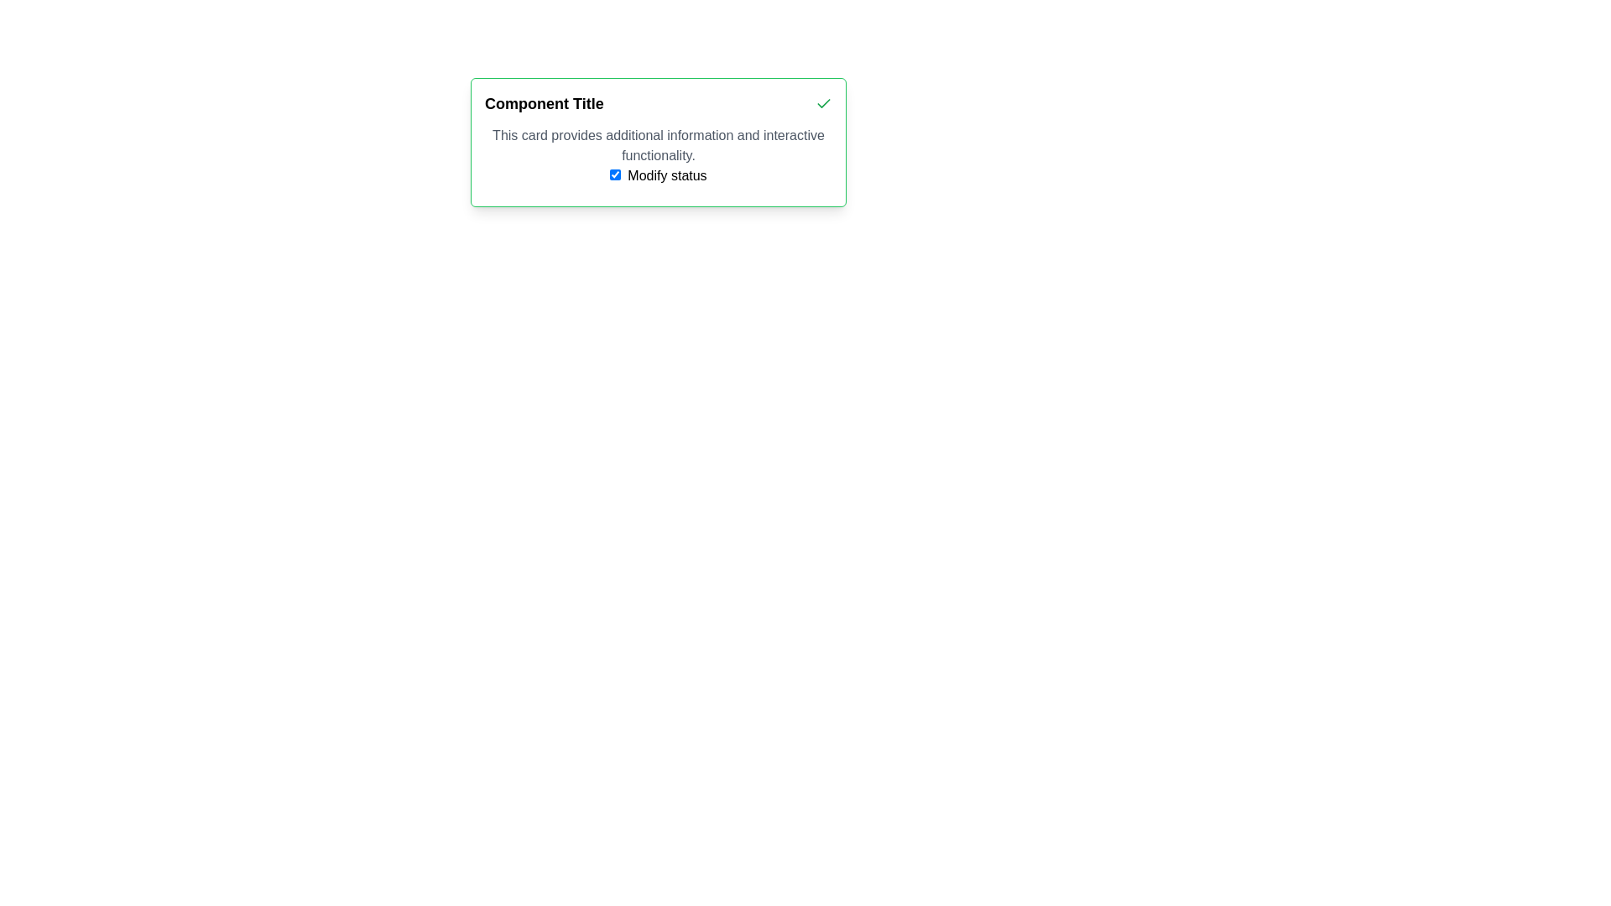  What do you see at coordinates (666, 175) in the screenshot?
I see `the label that identifies the checkbox functionality, which is positioned to the right of the checkbox in the second row of a card component` at bounding box center [666, 175].